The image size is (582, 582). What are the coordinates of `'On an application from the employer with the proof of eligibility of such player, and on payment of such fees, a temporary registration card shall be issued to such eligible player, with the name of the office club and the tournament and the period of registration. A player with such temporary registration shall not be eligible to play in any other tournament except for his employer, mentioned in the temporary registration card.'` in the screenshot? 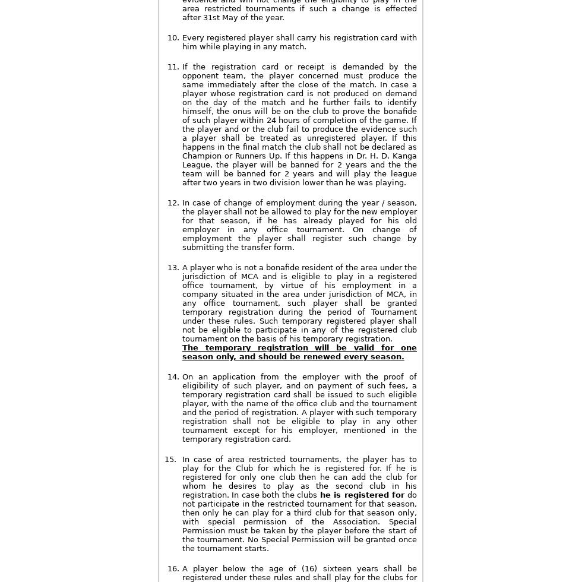 It's located at (299, 407).